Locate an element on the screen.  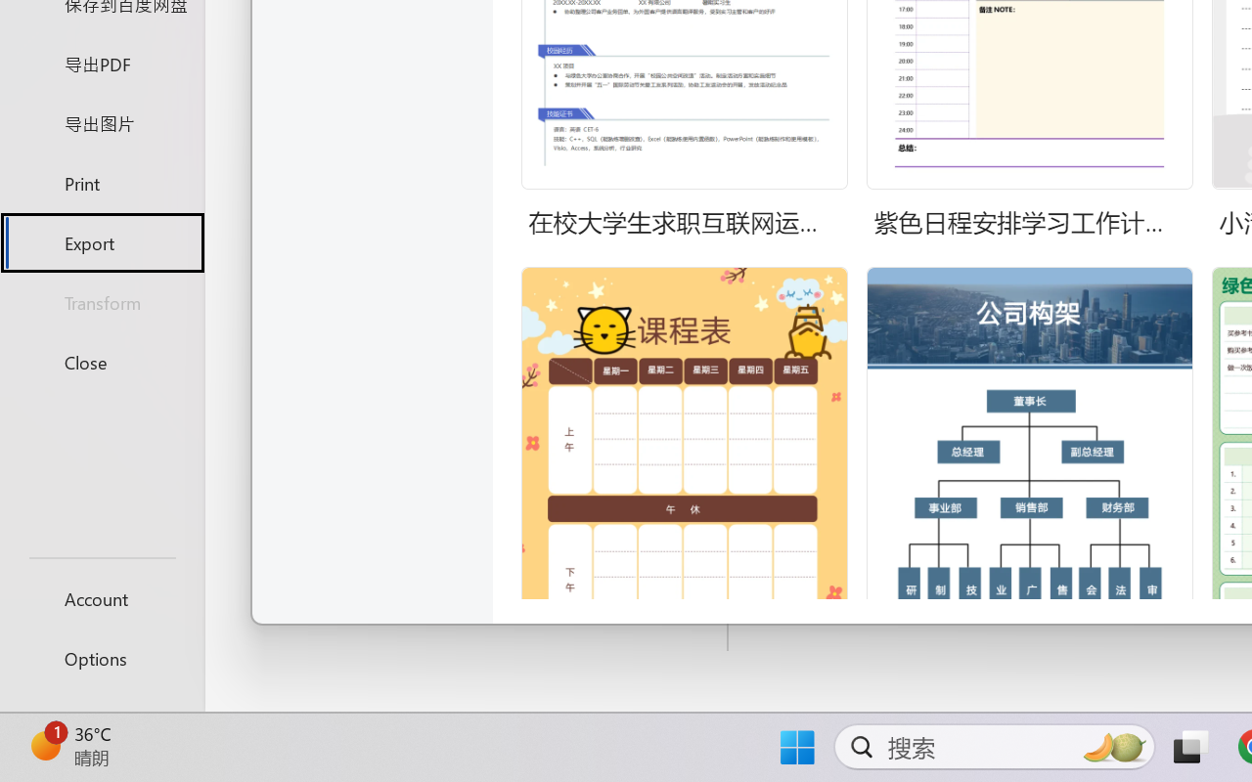
'Print' is located at coordinates (101, 182).